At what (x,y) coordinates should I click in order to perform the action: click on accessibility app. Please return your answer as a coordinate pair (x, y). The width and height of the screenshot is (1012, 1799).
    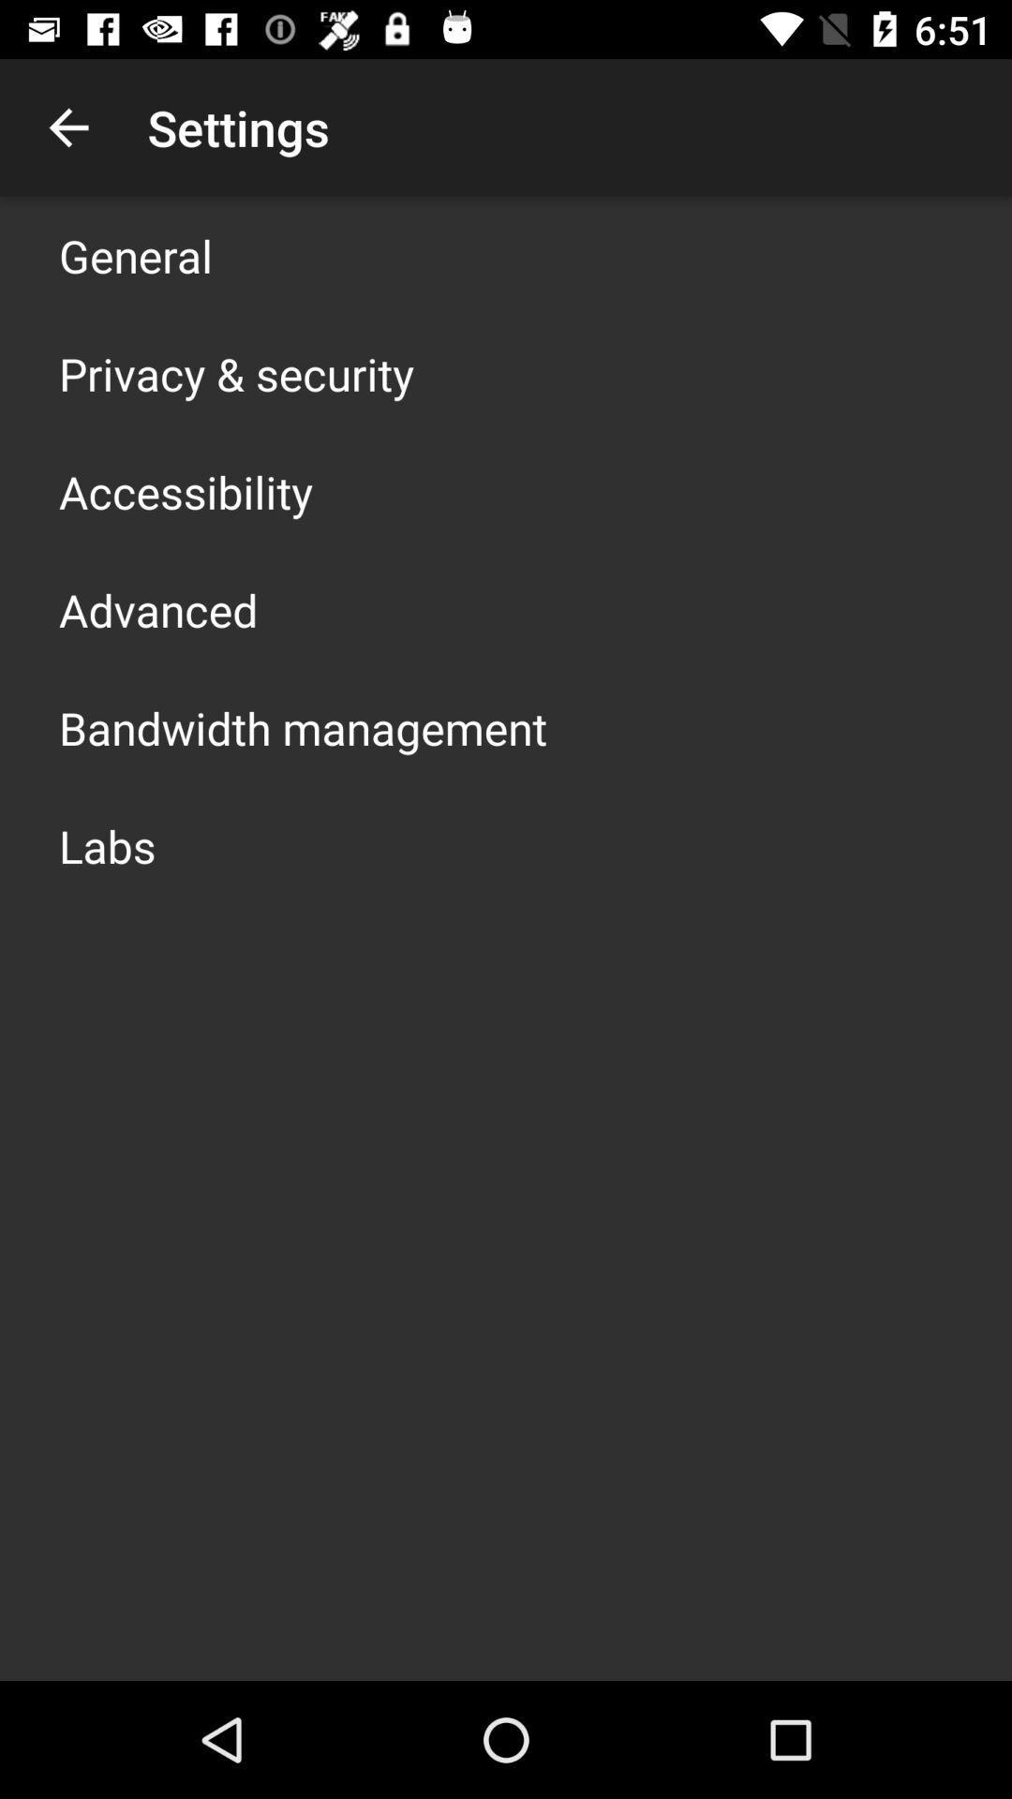
    Looking at the image, I should click on (186, 491).